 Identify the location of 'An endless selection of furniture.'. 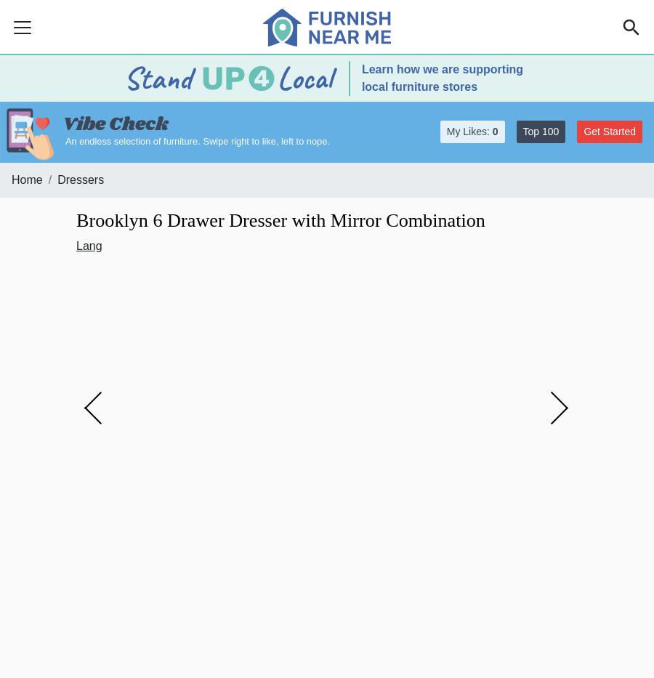
(64, 141).